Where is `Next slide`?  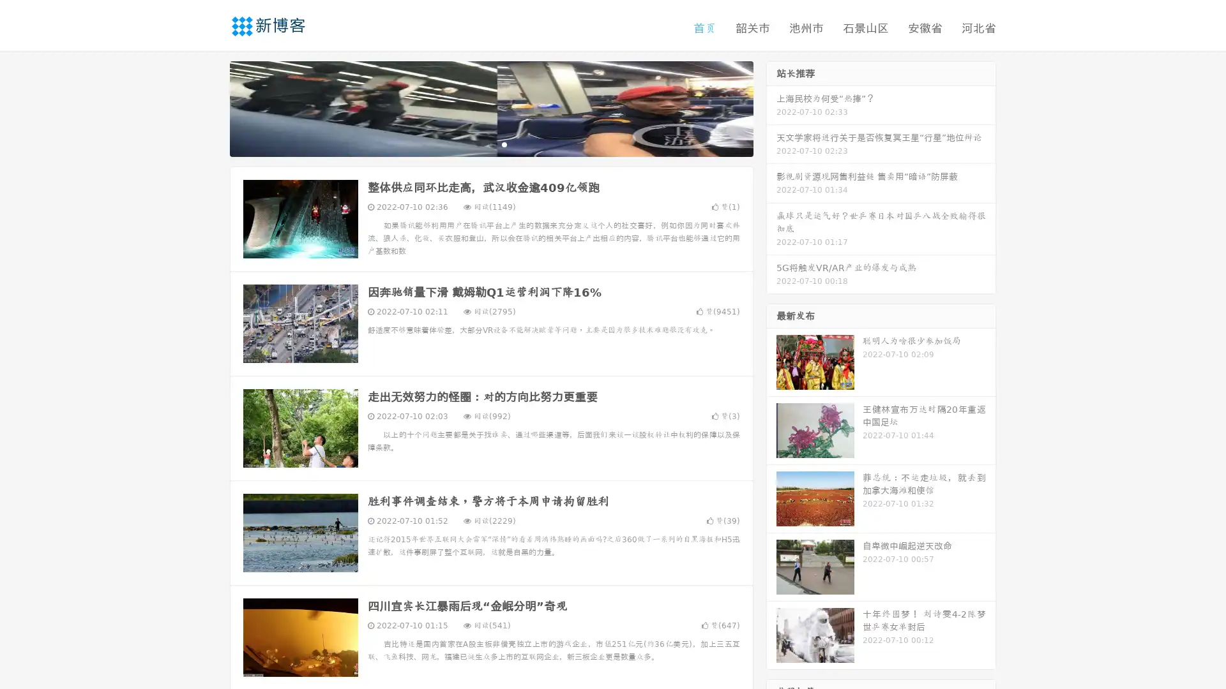
Next slide is located at coordinates (771, 107).